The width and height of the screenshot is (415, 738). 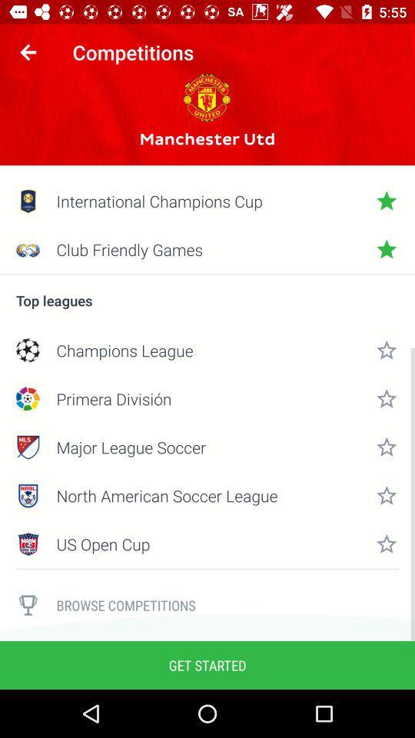 I want to click on item above the us open cup, so click(x=207, y=495).